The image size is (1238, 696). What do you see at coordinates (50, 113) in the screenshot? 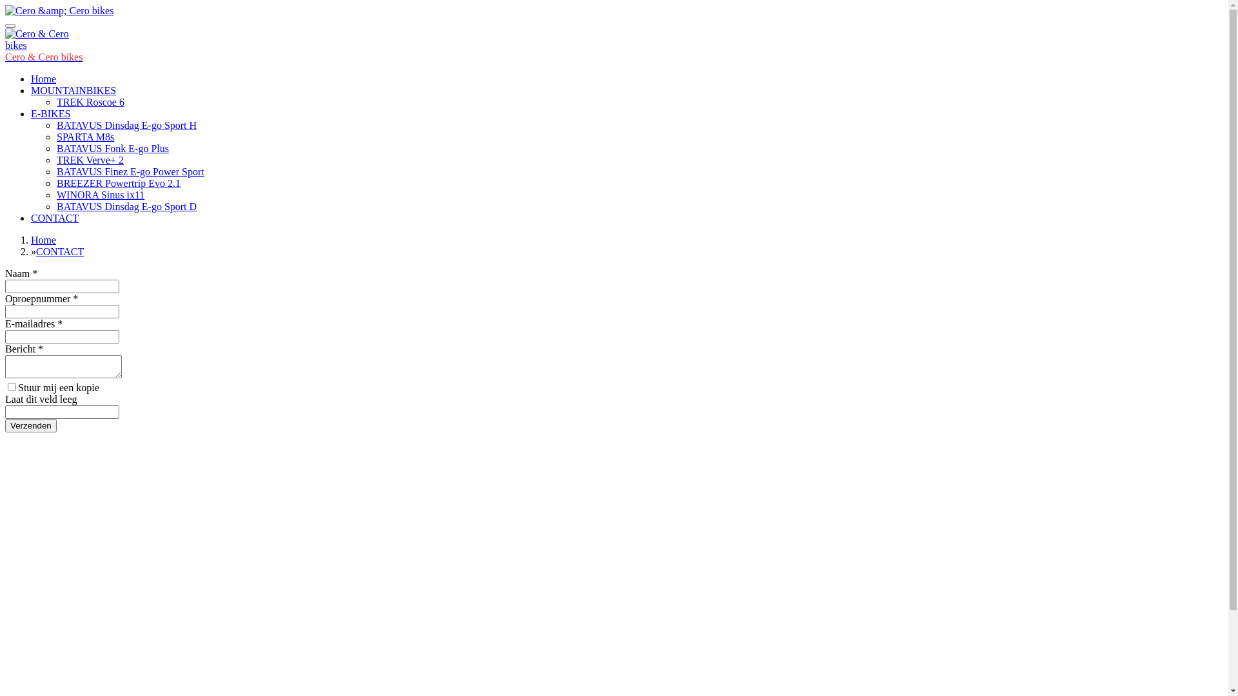
I see `'E-BIKES'` at bounding box center [50, 113].